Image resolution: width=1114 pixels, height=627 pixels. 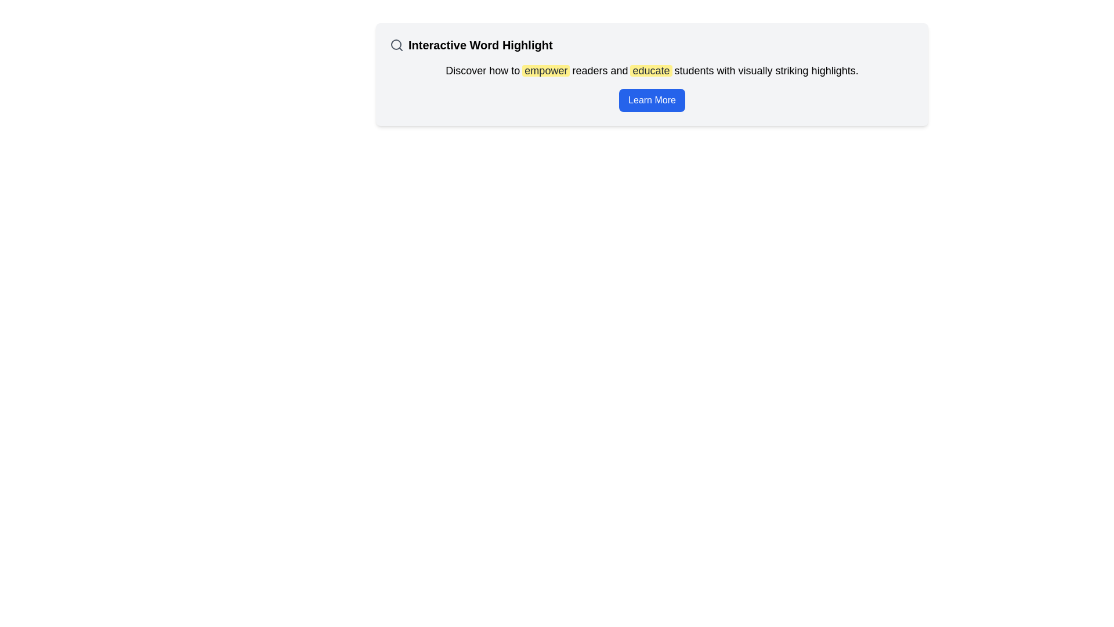 What do you see at coordinates (480, 44) in the screenshot?
I see `the prominently styled text element that says 'Interactive Word Highlight', which is located just to the right of the magnifying glass icon` at bounding box center [480, 44].